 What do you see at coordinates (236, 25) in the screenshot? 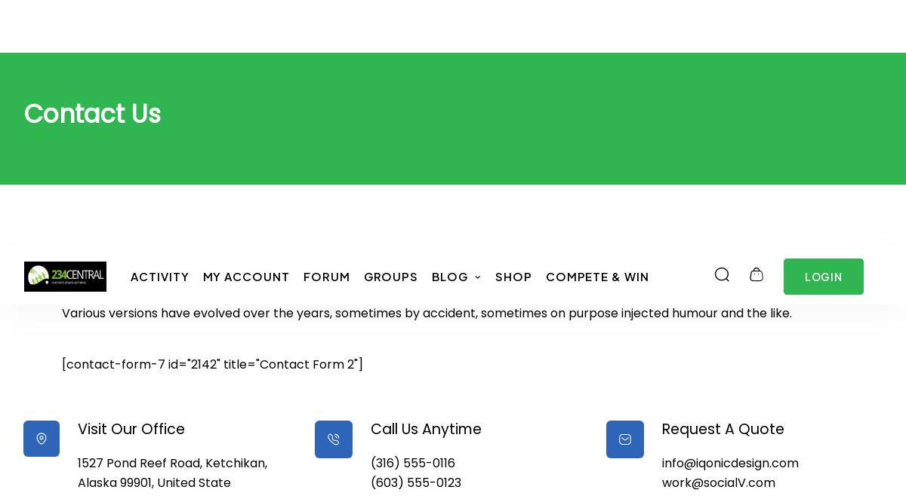
I see `'Have Any Questions For Us ?'` at bounding box center [236, 25].